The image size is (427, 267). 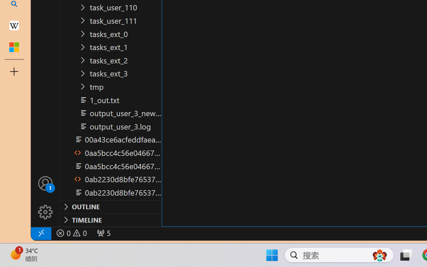 I want to click on 'remote', so click(x=40, y=233).